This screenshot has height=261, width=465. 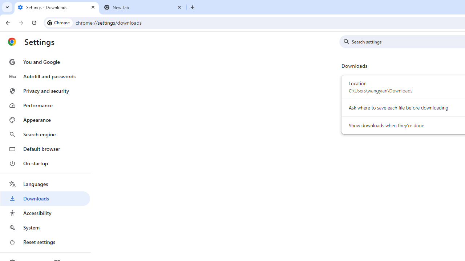 I want to click on 'Forward', so click(x=21, y=22).